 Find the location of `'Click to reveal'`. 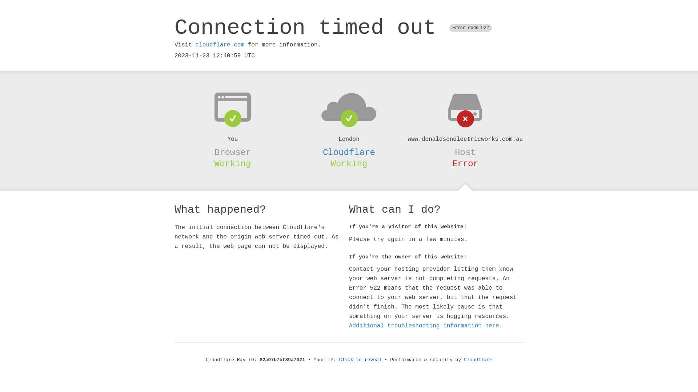

'Click to reveal' is located at coordinates (338, 360).